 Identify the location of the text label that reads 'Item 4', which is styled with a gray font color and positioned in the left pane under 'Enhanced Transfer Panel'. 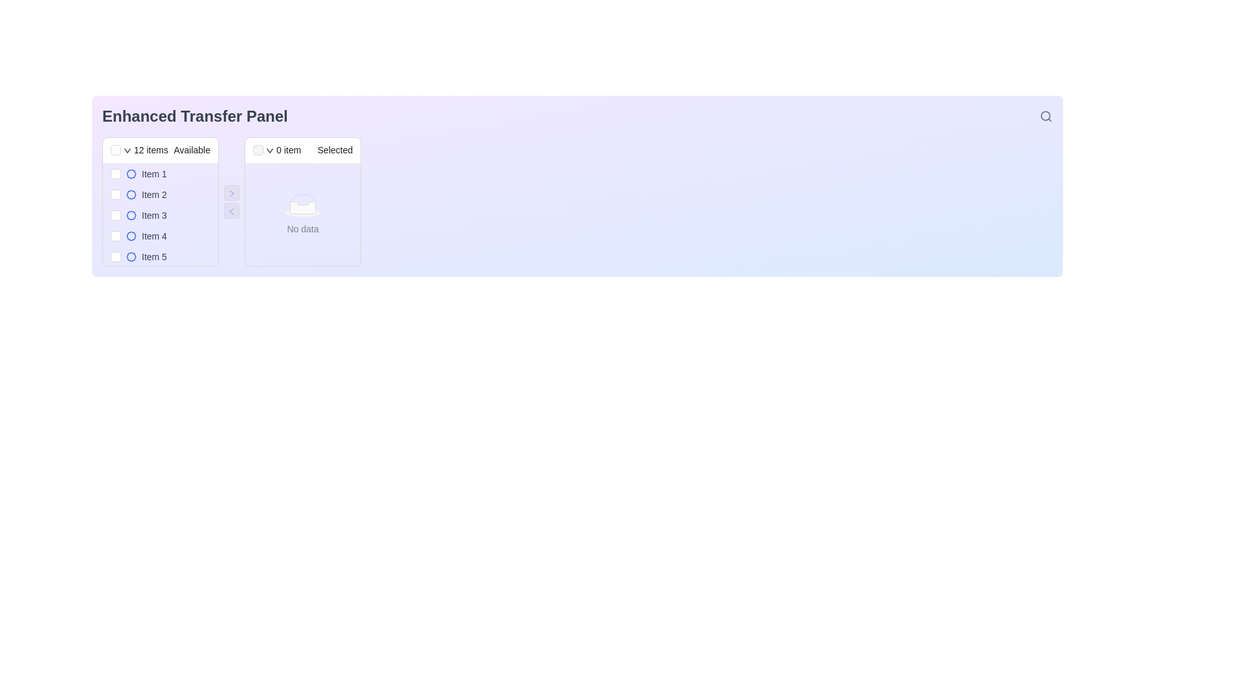
(154, 236).